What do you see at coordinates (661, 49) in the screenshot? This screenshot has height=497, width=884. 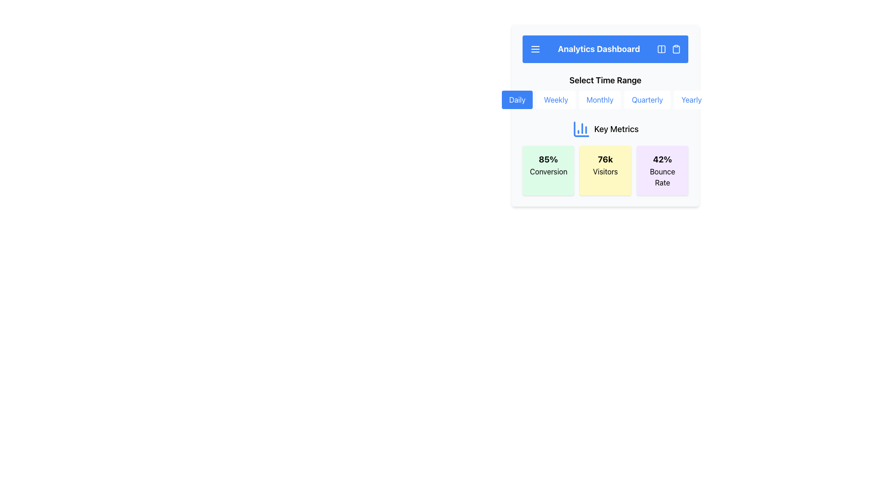 I see `the graphical icon with a minimalist representation of two vertical columns, located in the top right blue bar of the 'Analytics Dashboard'` at bounding box center [661, 49].